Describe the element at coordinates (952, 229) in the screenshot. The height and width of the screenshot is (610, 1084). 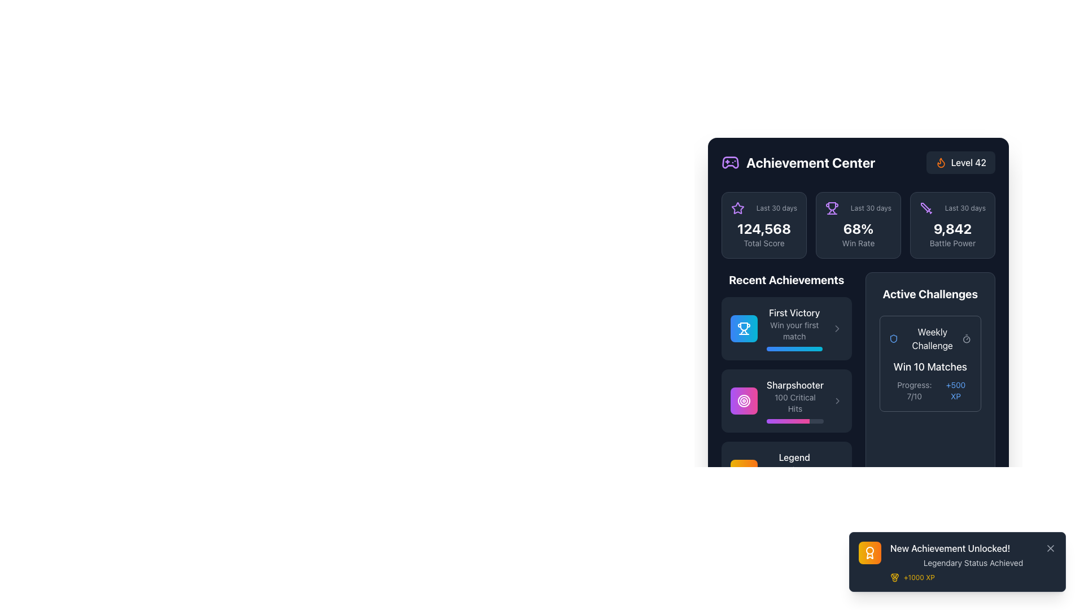
I see `the static text display showing the bold text '9,842', which is rendered in white against a dark background, located at the top-right corner of the interface above 'Battle Power'` at that location.